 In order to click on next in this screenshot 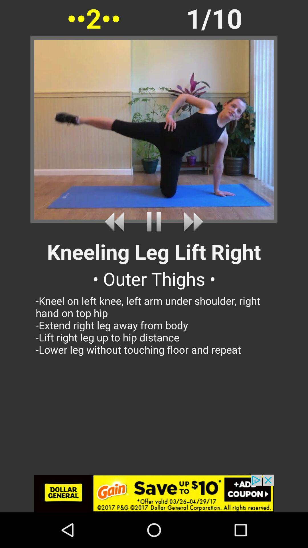, I will do `click(191, 221)`.